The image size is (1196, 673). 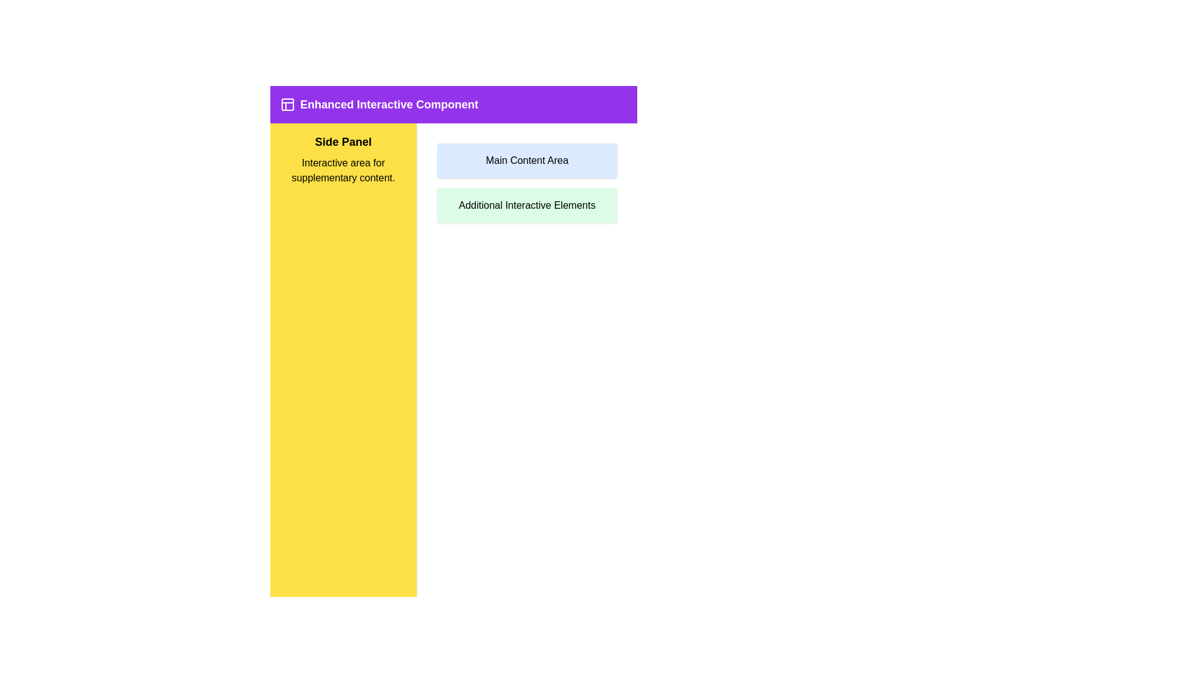 What do you see at coordinates (527, 205) in the screenshot?
I see `text from the text block with a light green background containing bold black text that reads 'Additional Interactive Elements', located in the right portion of the page beneath the 'Main Content Area'` at bounding box center [527, 205].